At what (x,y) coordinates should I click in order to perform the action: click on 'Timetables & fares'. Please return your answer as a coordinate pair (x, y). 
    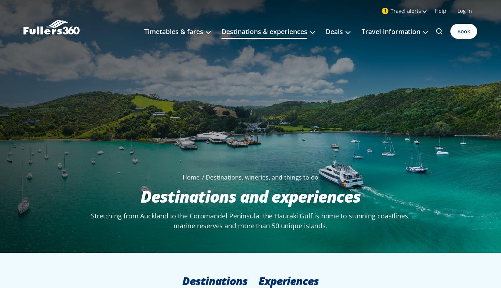
    Looking at the image, I should click on (173, 31).